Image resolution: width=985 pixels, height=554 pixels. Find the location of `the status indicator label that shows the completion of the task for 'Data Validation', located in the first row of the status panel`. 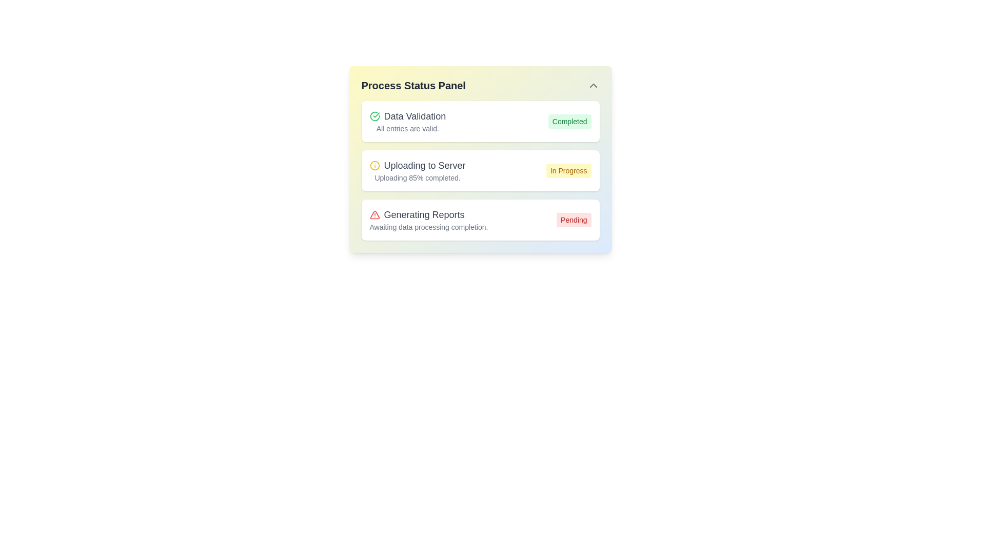

the status indicator label that shows the completion of the task for 'Data Validation', located in the first row of the status panel is located at coordinates (569, 121).